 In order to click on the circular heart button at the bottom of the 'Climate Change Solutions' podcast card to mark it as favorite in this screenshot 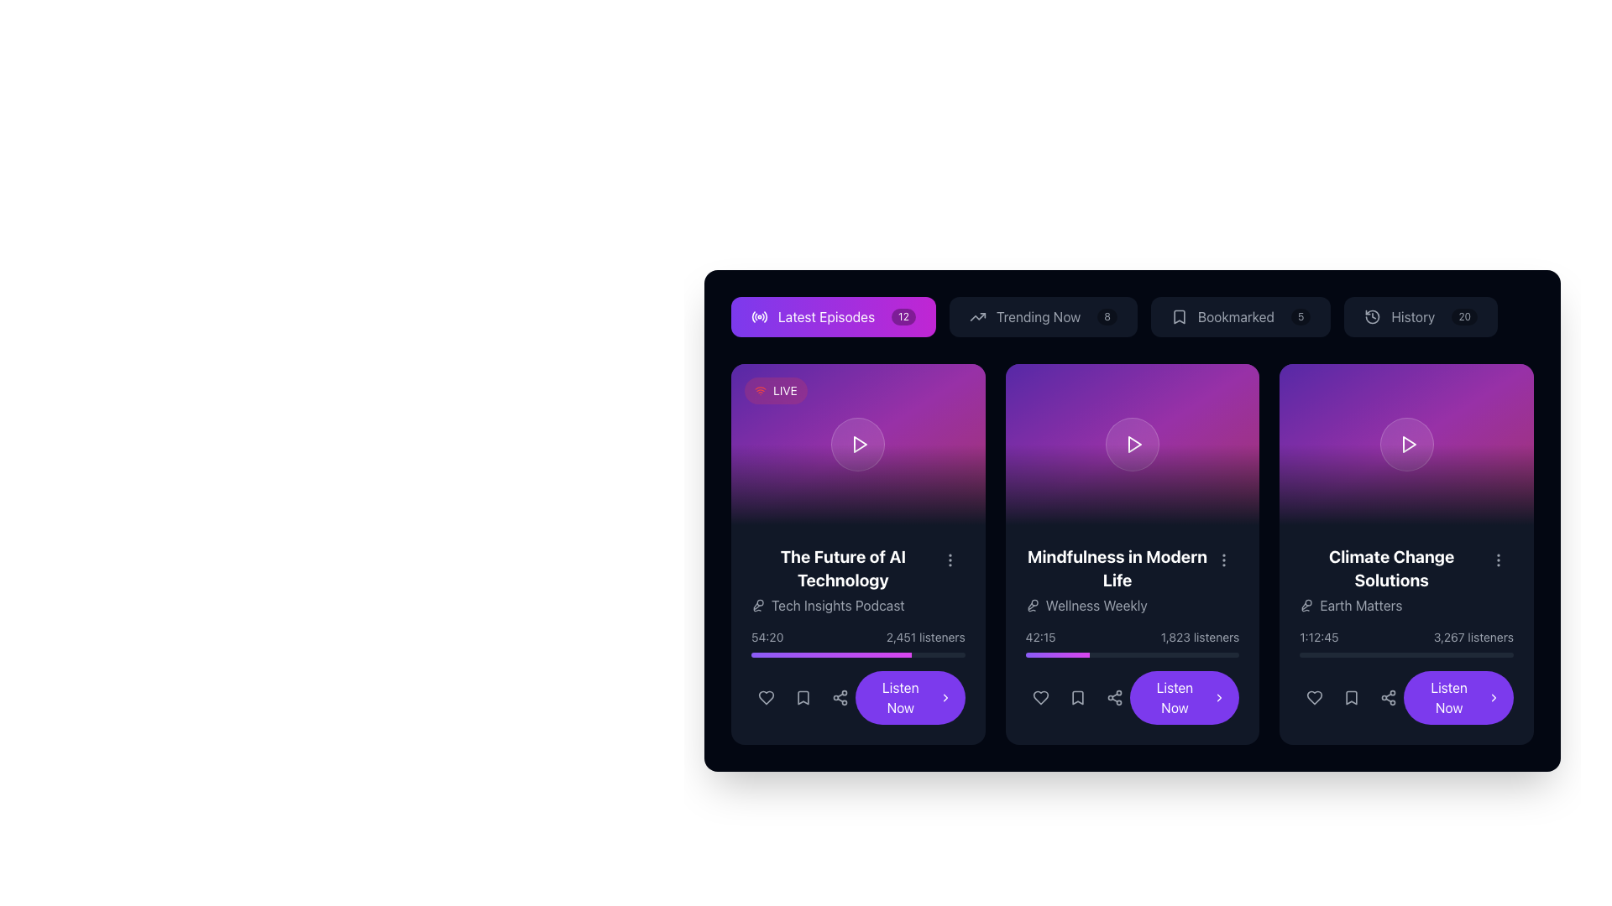, I will do `click(1314, 698)`.